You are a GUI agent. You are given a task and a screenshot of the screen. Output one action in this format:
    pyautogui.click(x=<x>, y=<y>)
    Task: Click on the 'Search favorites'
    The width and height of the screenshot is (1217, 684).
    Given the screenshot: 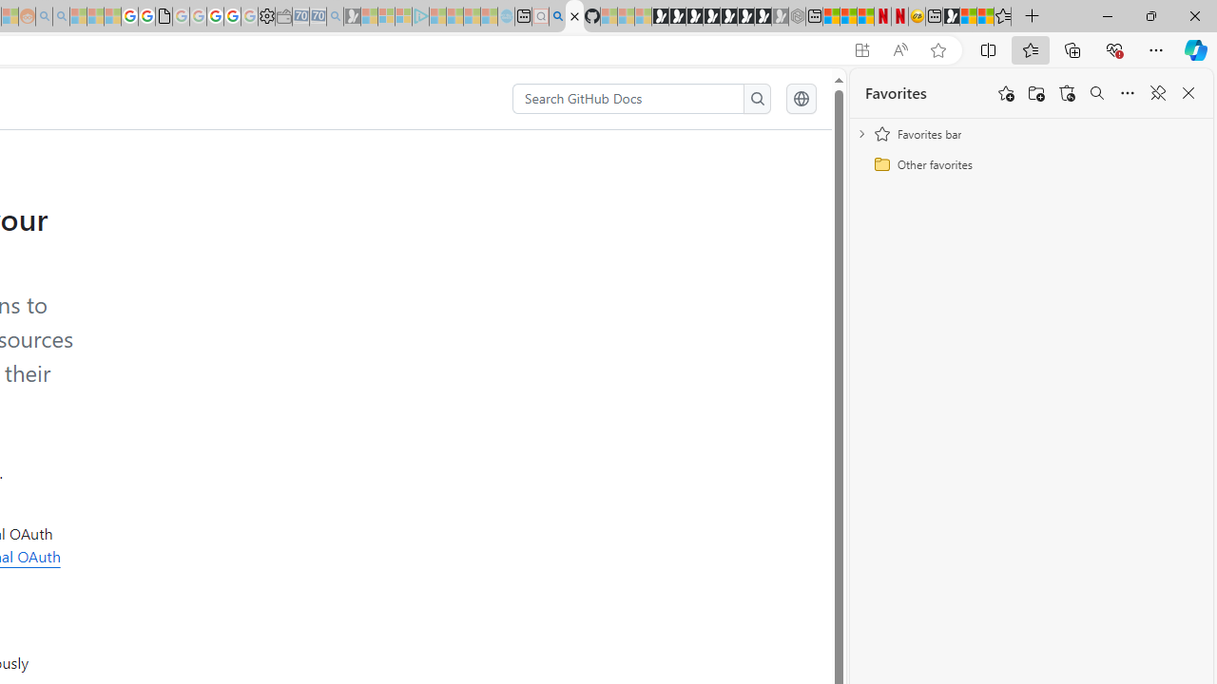 What is the action you would take?
    pyautogui.click(x=1096, y=93)
    